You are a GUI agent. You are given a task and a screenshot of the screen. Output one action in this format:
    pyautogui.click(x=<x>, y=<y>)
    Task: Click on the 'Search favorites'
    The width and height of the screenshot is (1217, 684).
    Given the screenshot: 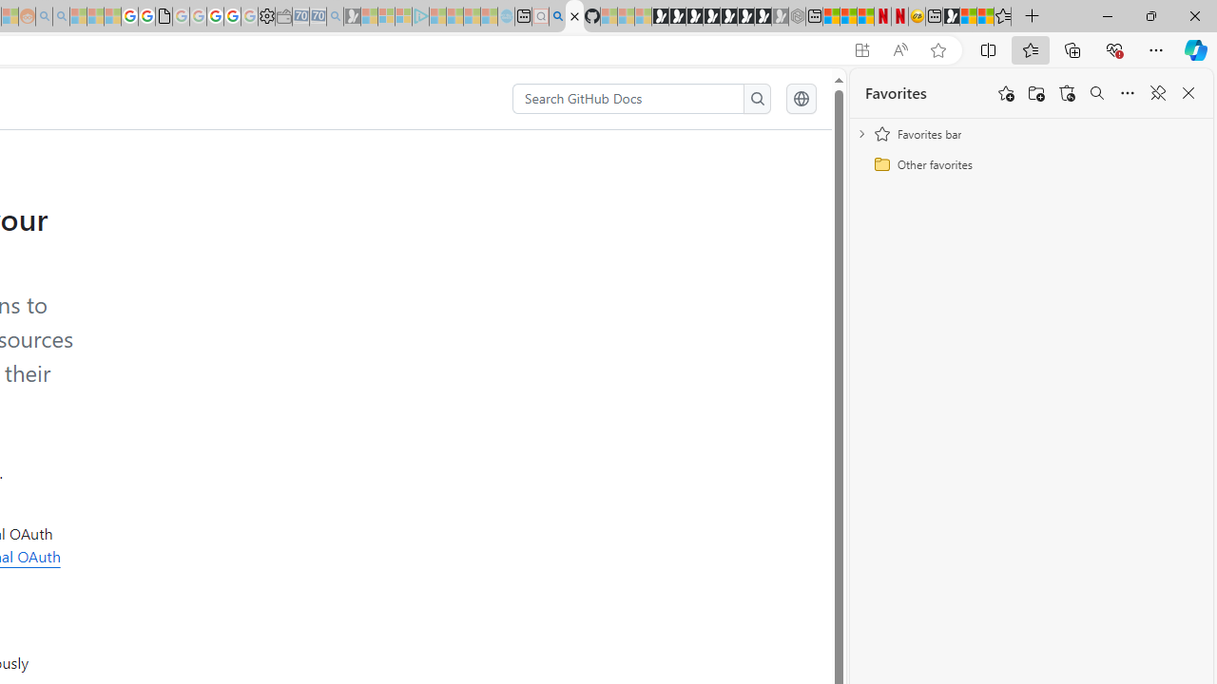 What is the action you would take?
    pyautogui.click(x=1096, y=93)
    